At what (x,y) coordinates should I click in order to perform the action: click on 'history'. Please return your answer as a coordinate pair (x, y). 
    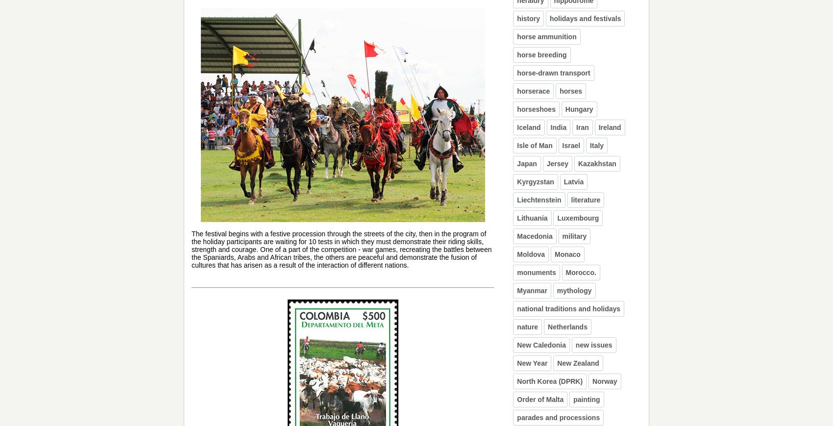
    Looking at the image, I should click on (528, 18).